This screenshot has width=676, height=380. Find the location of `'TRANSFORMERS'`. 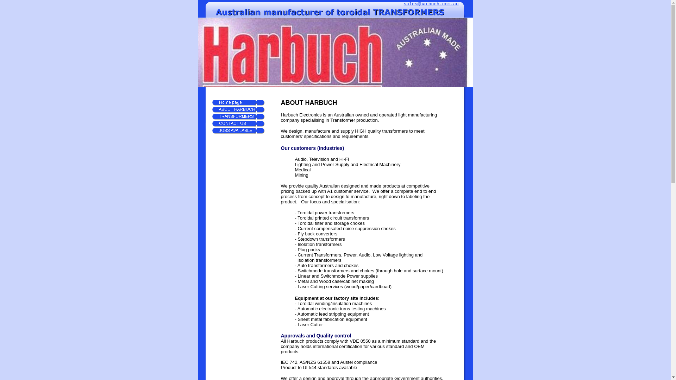

'TRANSFORMERS' is located at coordinates (238, 116).